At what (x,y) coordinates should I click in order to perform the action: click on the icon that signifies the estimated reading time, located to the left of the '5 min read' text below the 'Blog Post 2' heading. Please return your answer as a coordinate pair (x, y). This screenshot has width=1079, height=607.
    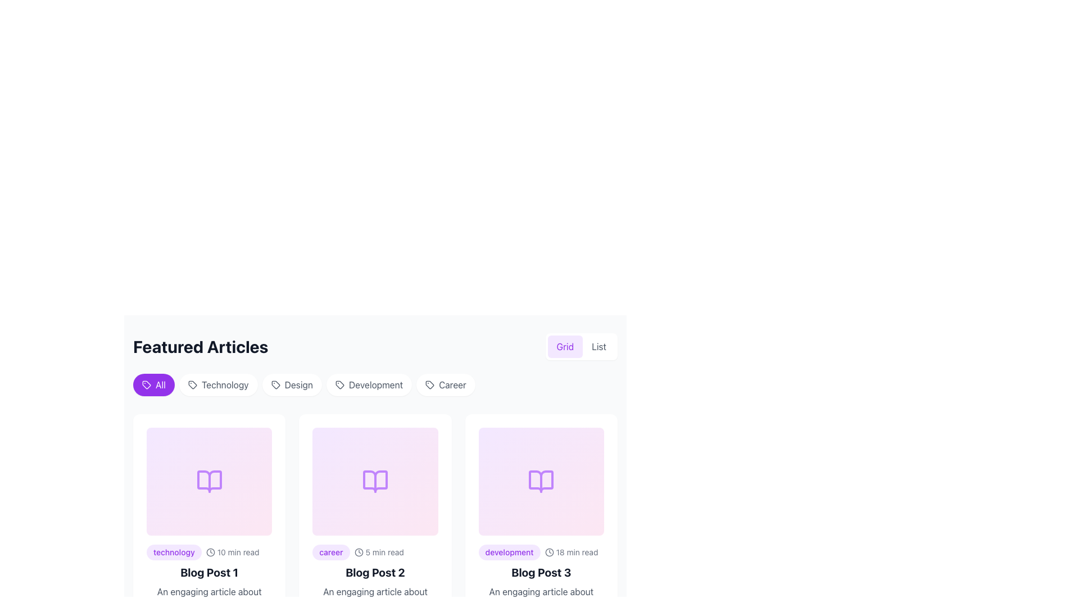
    Looking at the image, I should click on (358, 552).